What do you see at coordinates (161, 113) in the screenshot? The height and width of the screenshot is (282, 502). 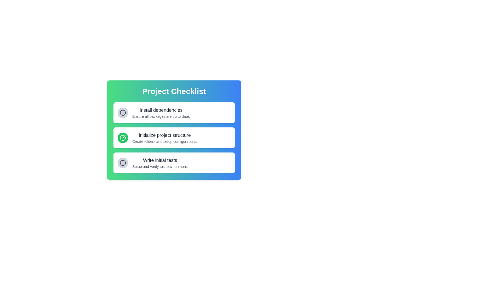 I see `the task Install dependencies to view hover effects` at bounding box center [161, 113].